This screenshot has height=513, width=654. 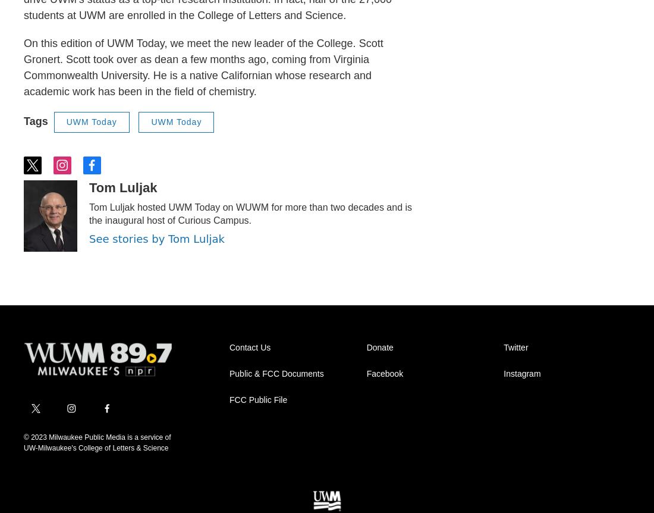 I want to click on '© 2023  Milwaukee Public Media is a service of UW-Milwaukee's College of Letters & Science', so click(x=96, y=442).